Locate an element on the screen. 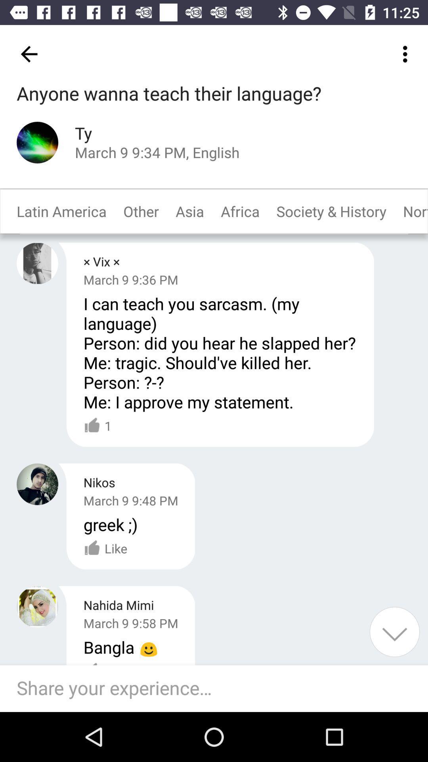 The width and height of the screenshot is (428, 762). scroll down to the bottom is located at coordinates (394, 631).